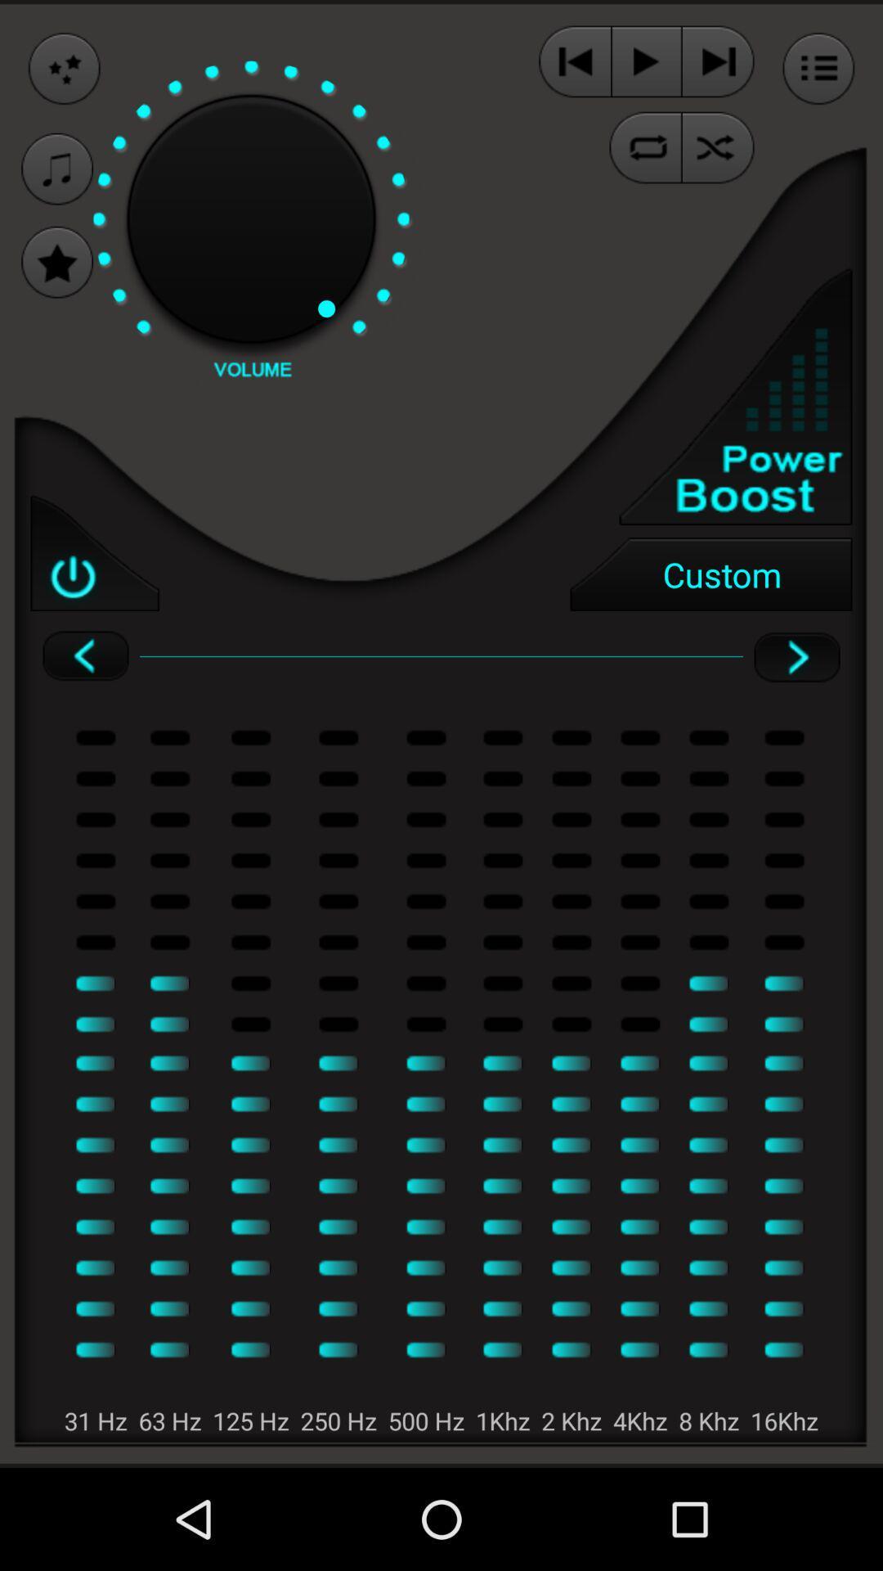 This screenshot has height=1571, width=883. I want to click on the arrow_backward icon, so click(85, 702).